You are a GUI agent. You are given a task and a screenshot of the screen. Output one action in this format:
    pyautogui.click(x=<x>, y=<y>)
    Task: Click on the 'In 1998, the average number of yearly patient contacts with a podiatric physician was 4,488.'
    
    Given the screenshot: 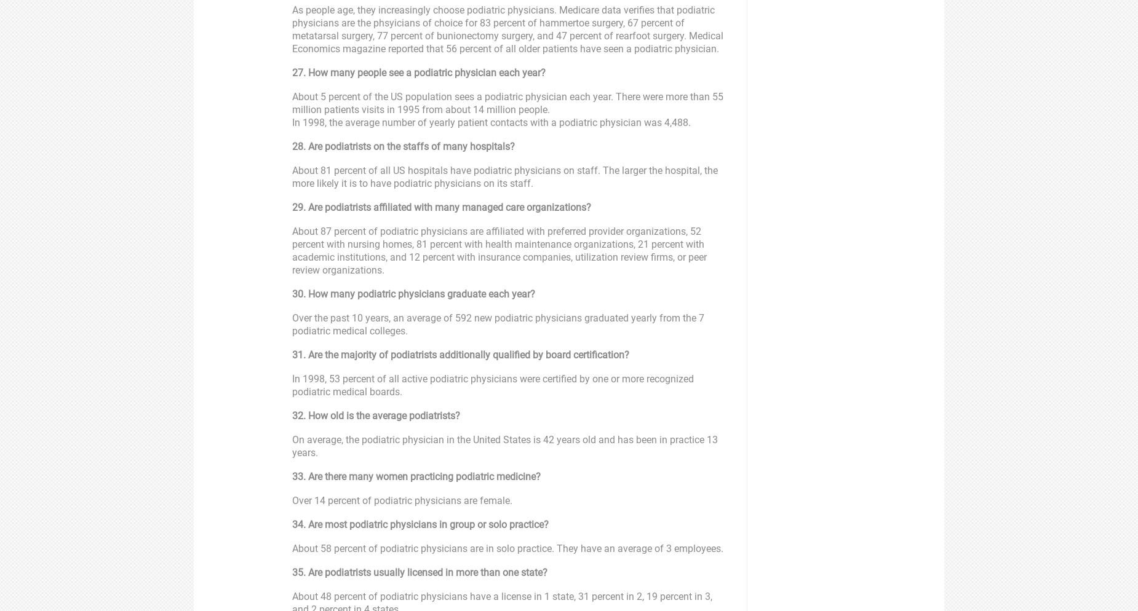 What is the action you would take?
    pyautogui.click(x=491, y=122)
    